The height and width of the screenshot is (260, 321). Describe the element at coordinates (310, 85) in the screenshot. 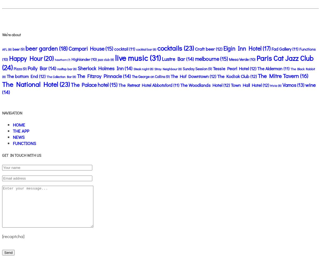

I see `'wine'` at that location.